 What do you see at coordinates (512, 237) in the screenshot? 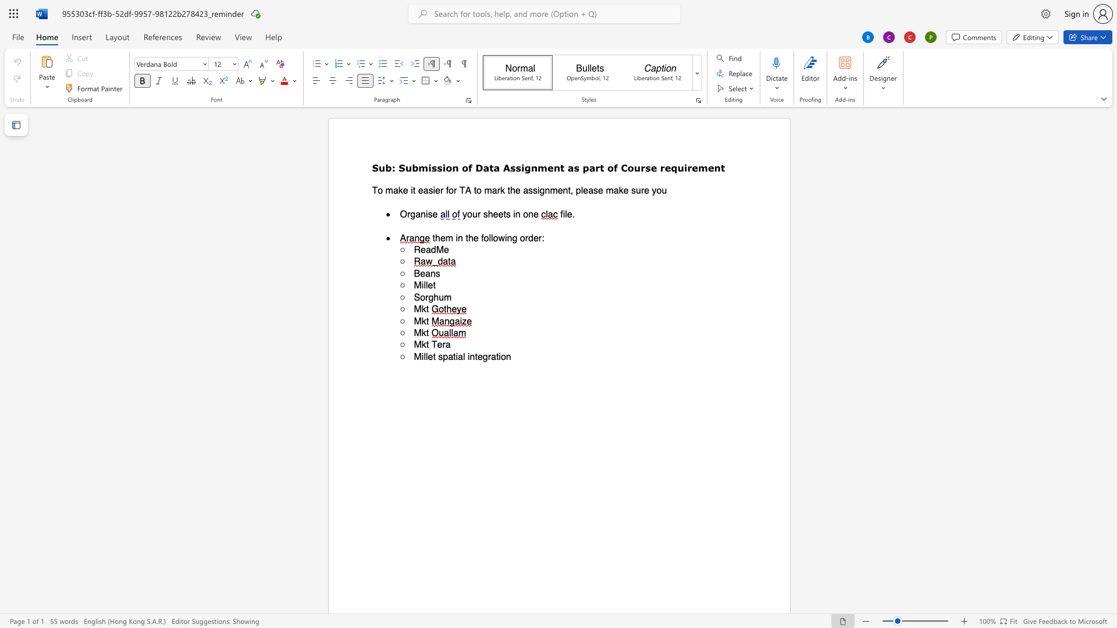
I see `the space between the continuous character "n" and "g" in the text` at bounding box center [512, 237].